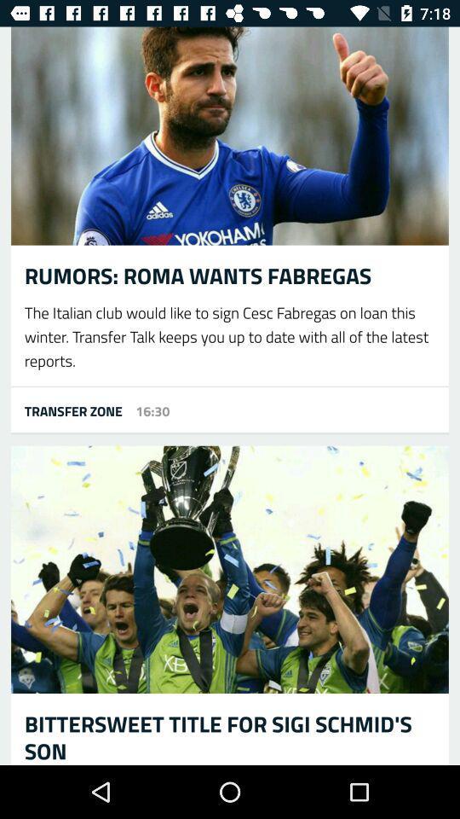 The width and height of the screenshot is (460, 819). I want to click on the transfer zone icon, so click(66, 409).